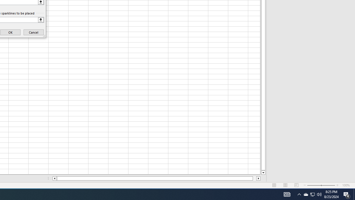 This screenshot has width=355, height=200. What do you see at coordinates (263, 172) in the screenshot?
I see `'Line down'` at bounding box center [263, 172].